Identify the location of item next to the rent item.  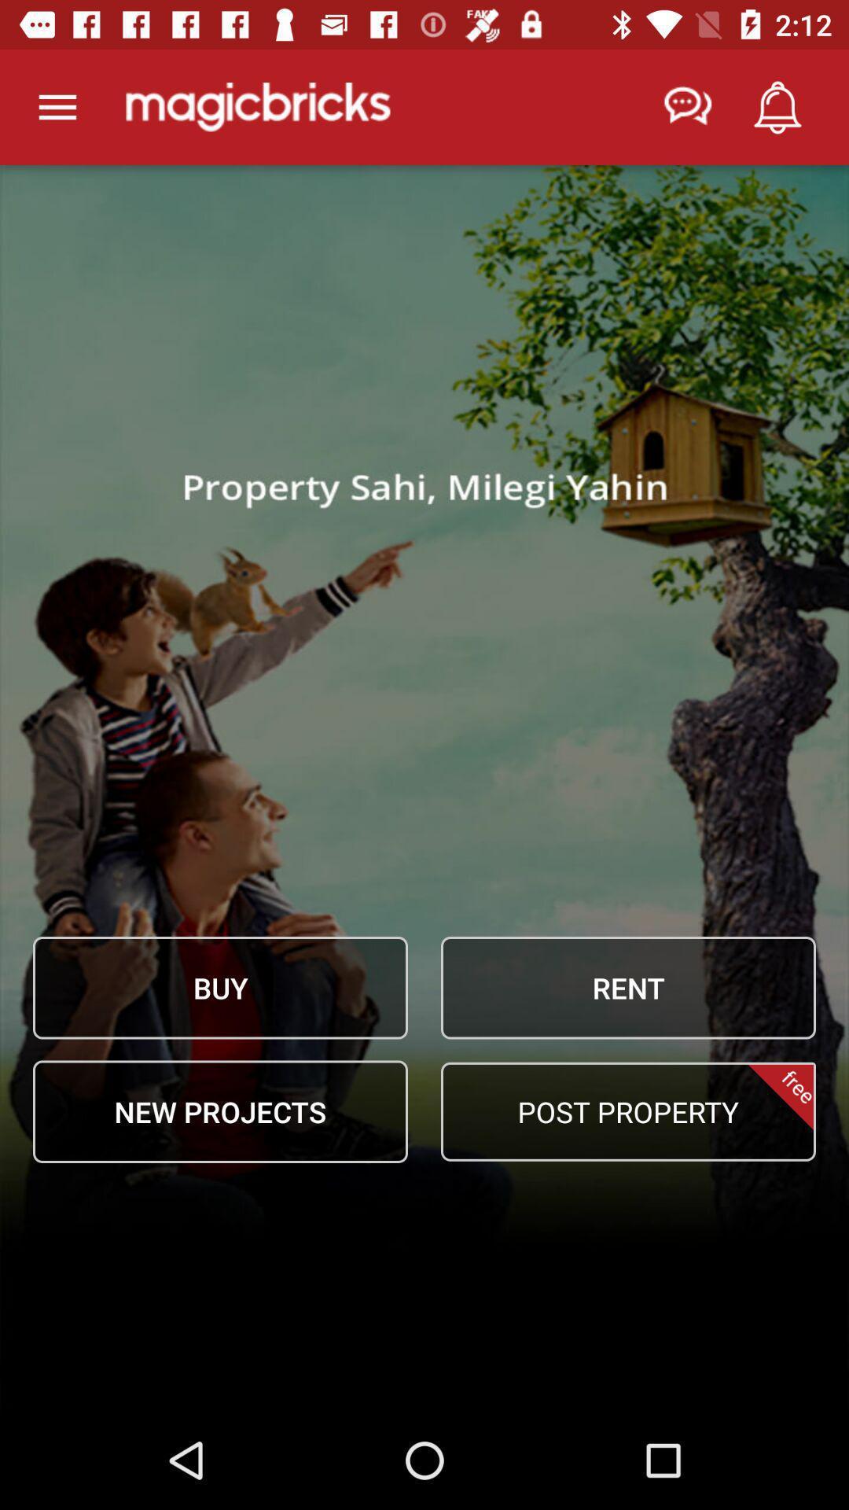
(220, 987).